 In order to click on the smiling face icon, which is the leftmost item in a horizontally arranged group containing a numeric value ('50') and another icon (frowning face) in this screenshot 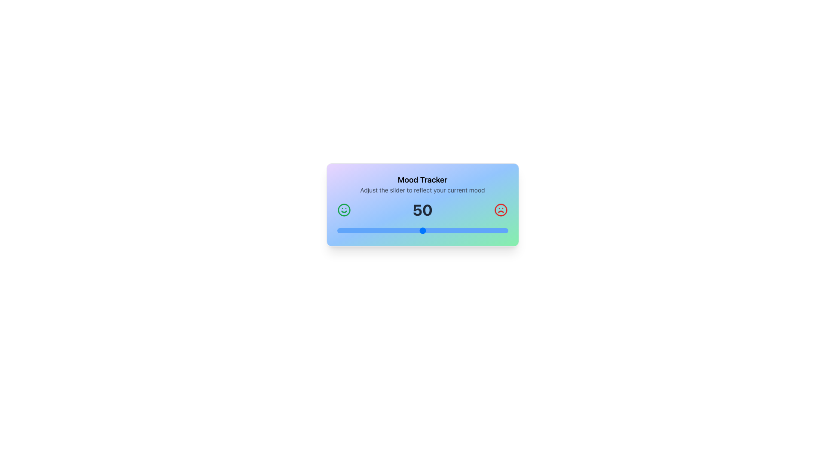, I will do `click(344, 210)`.